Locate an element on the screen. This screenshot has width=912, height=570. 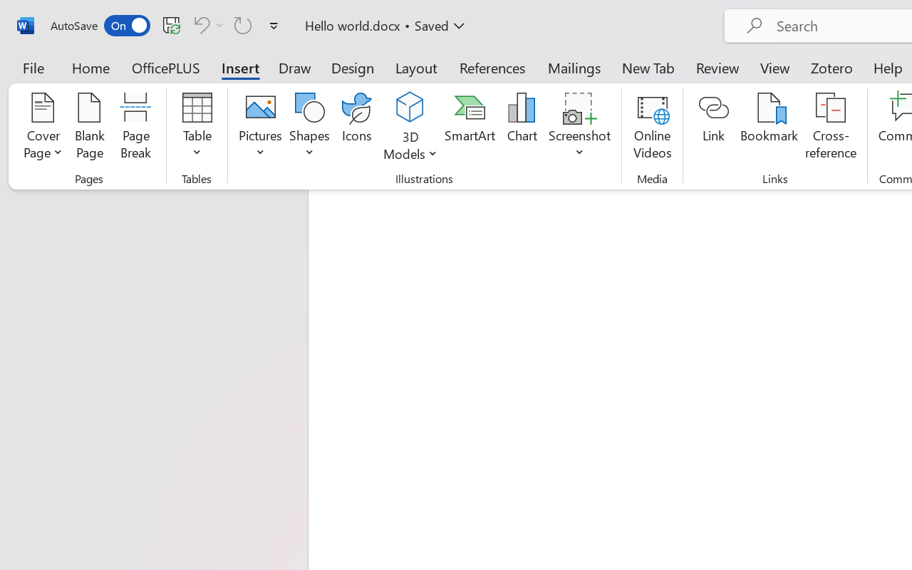
'Page Break' is located at coordinates (135, 128).